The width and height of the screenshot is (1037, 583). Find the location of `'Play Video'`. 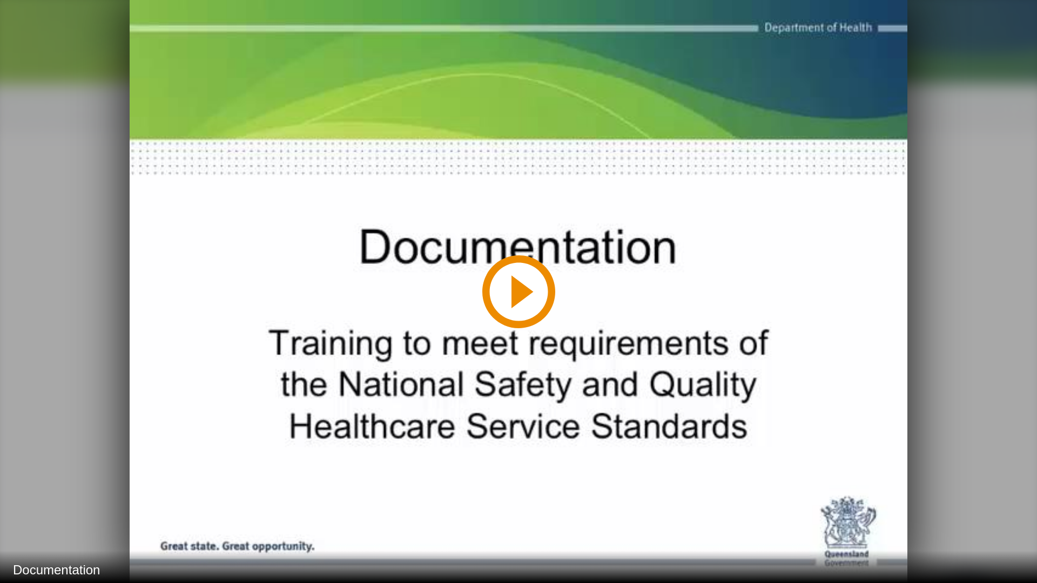

'Play Video' is located at coordinates (517, 290).